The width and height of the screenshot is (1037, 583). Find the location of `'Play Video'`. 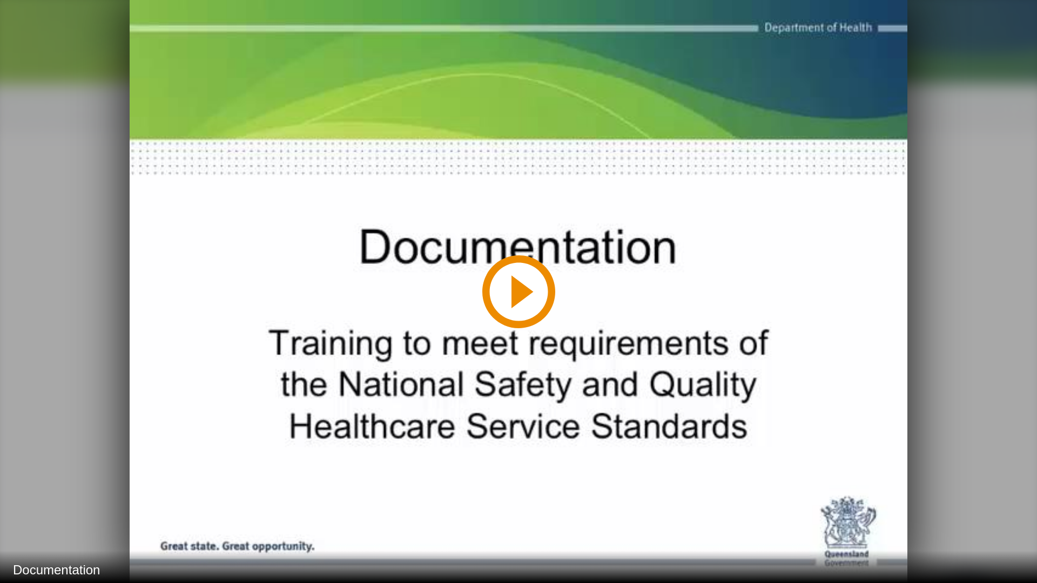

'Play Video' is located at coordinates (517, 290).